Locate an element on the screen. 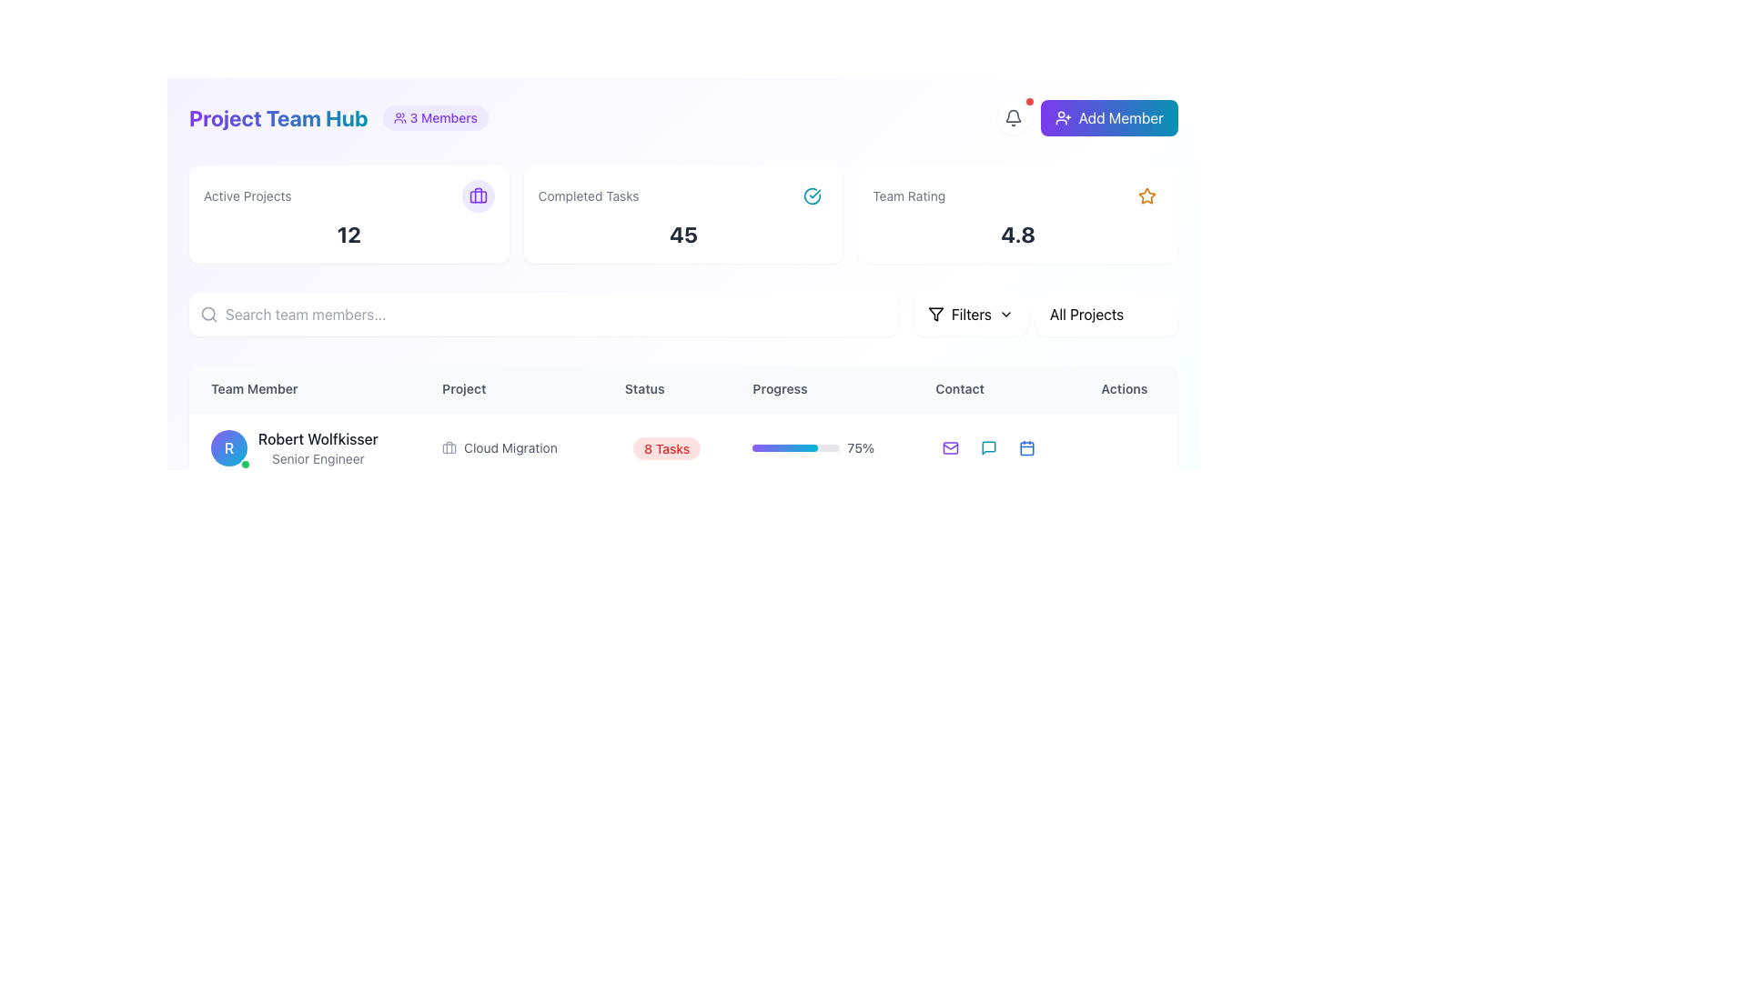  the label displaying '8 Tasks' in the Status column for Robert Wolfkisser, a Senior Engineer is located at coordinates (666, 447).